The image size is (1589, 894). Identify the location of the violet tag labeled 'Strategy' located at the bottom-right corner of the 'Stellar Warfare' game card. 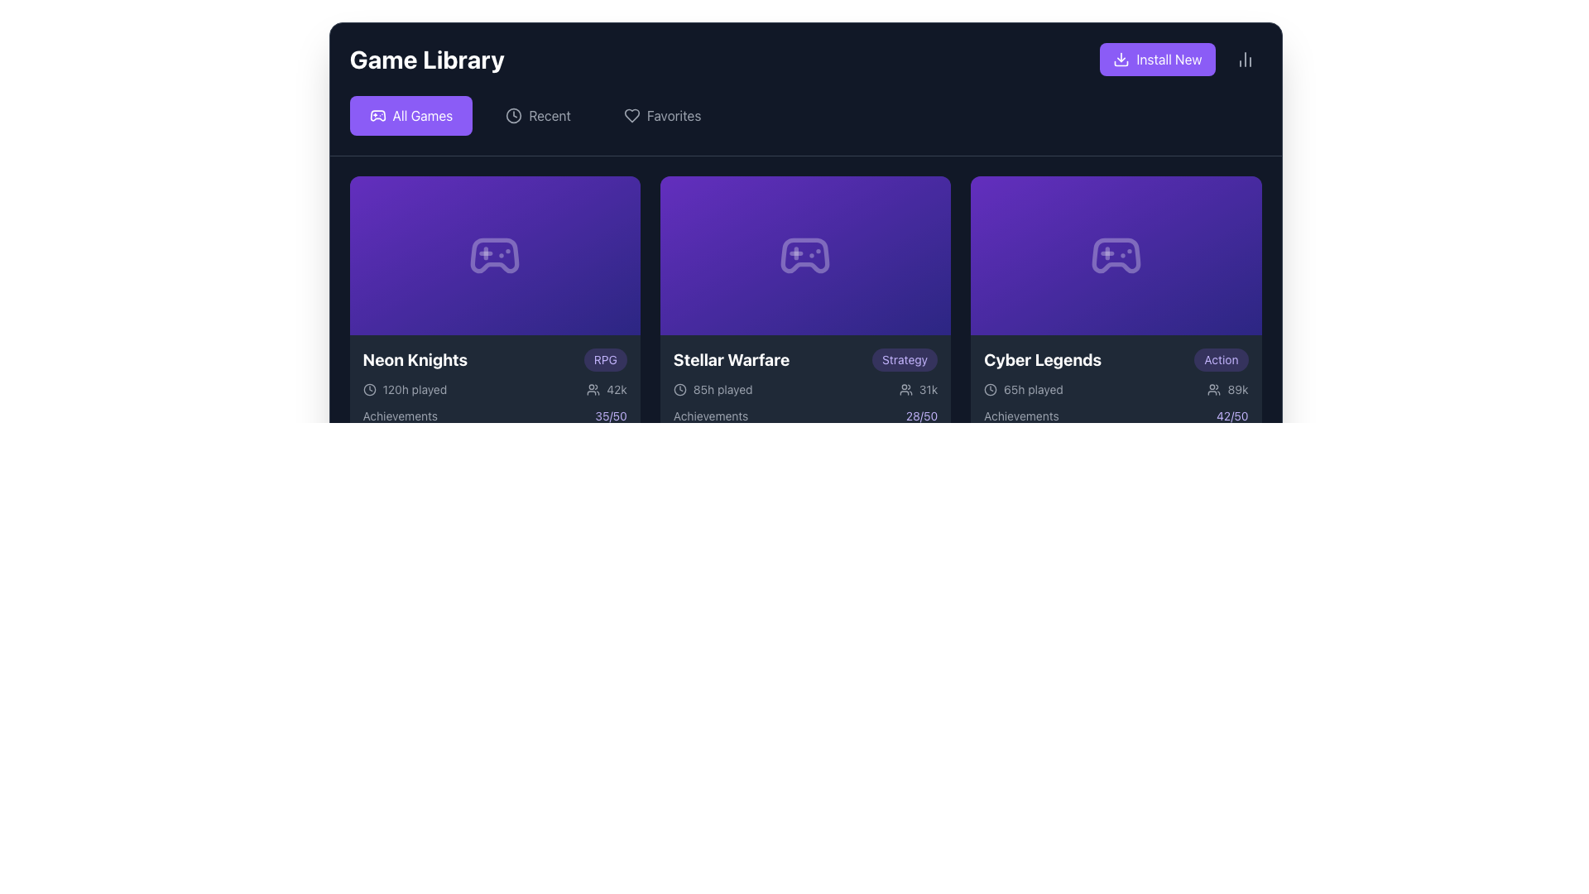
(904, 359).